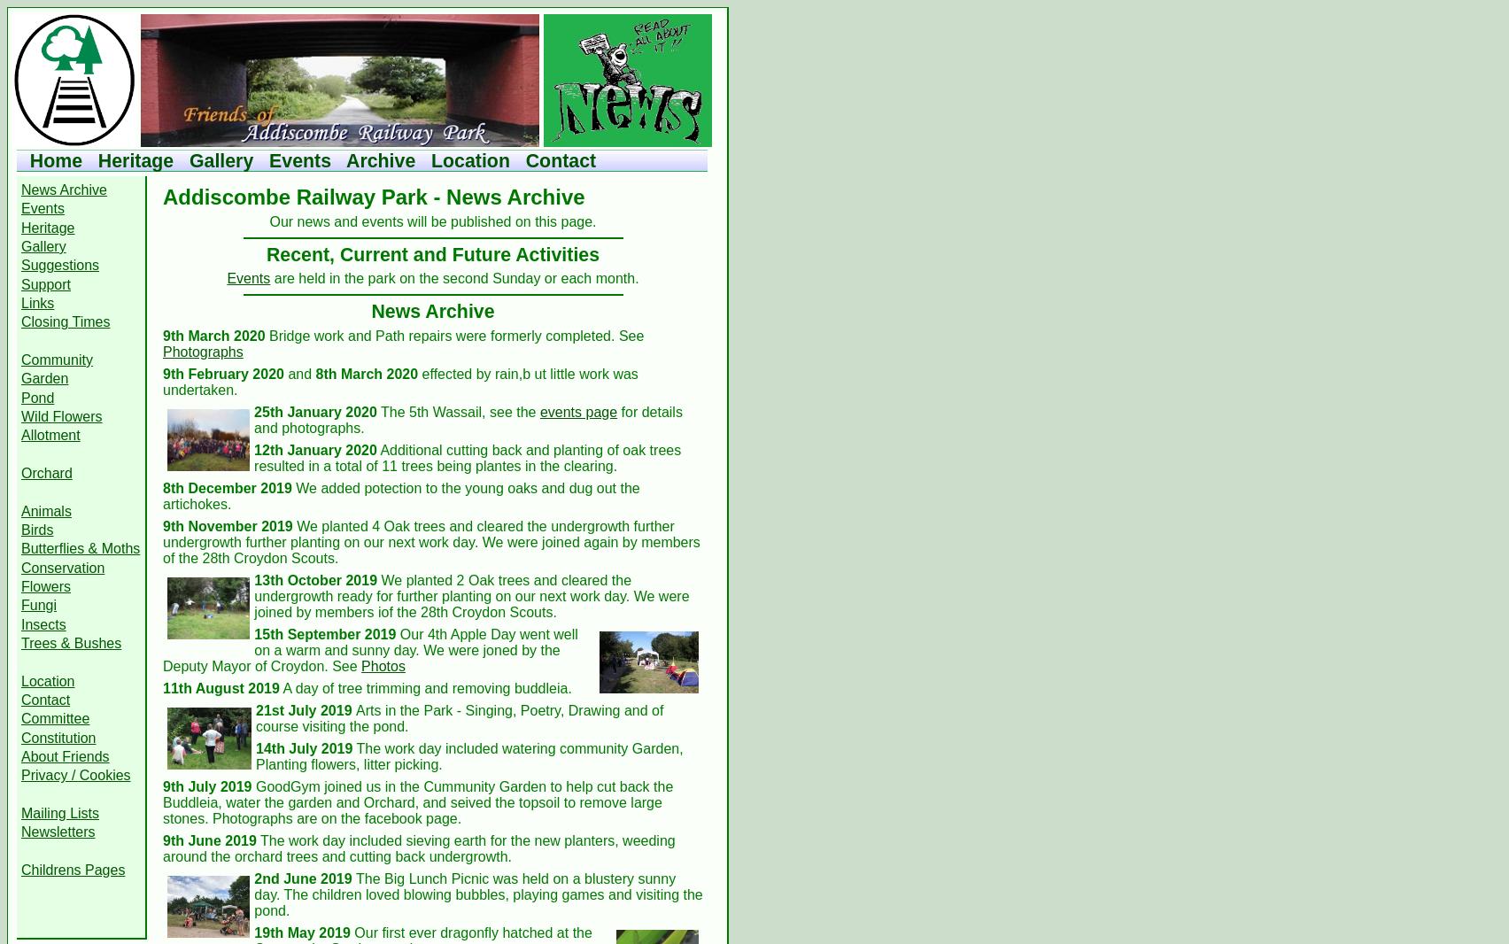  I want to click on '9th November 2019', so click(226, 524).